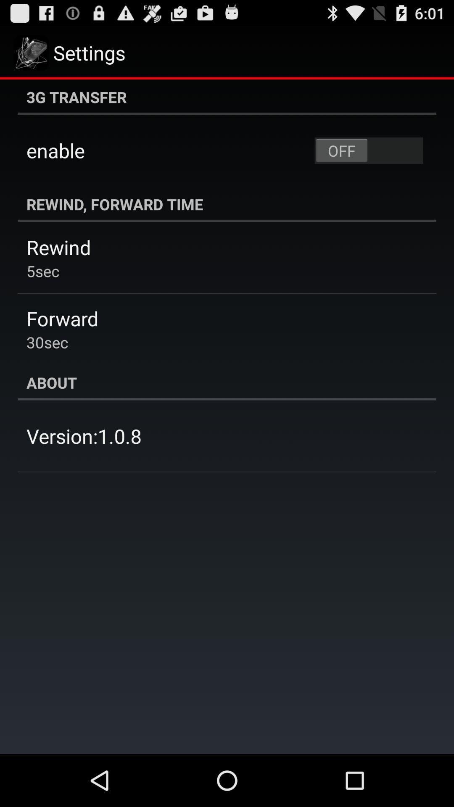  I want to click on the item below the 3g transfer icon, so click(368, 150).